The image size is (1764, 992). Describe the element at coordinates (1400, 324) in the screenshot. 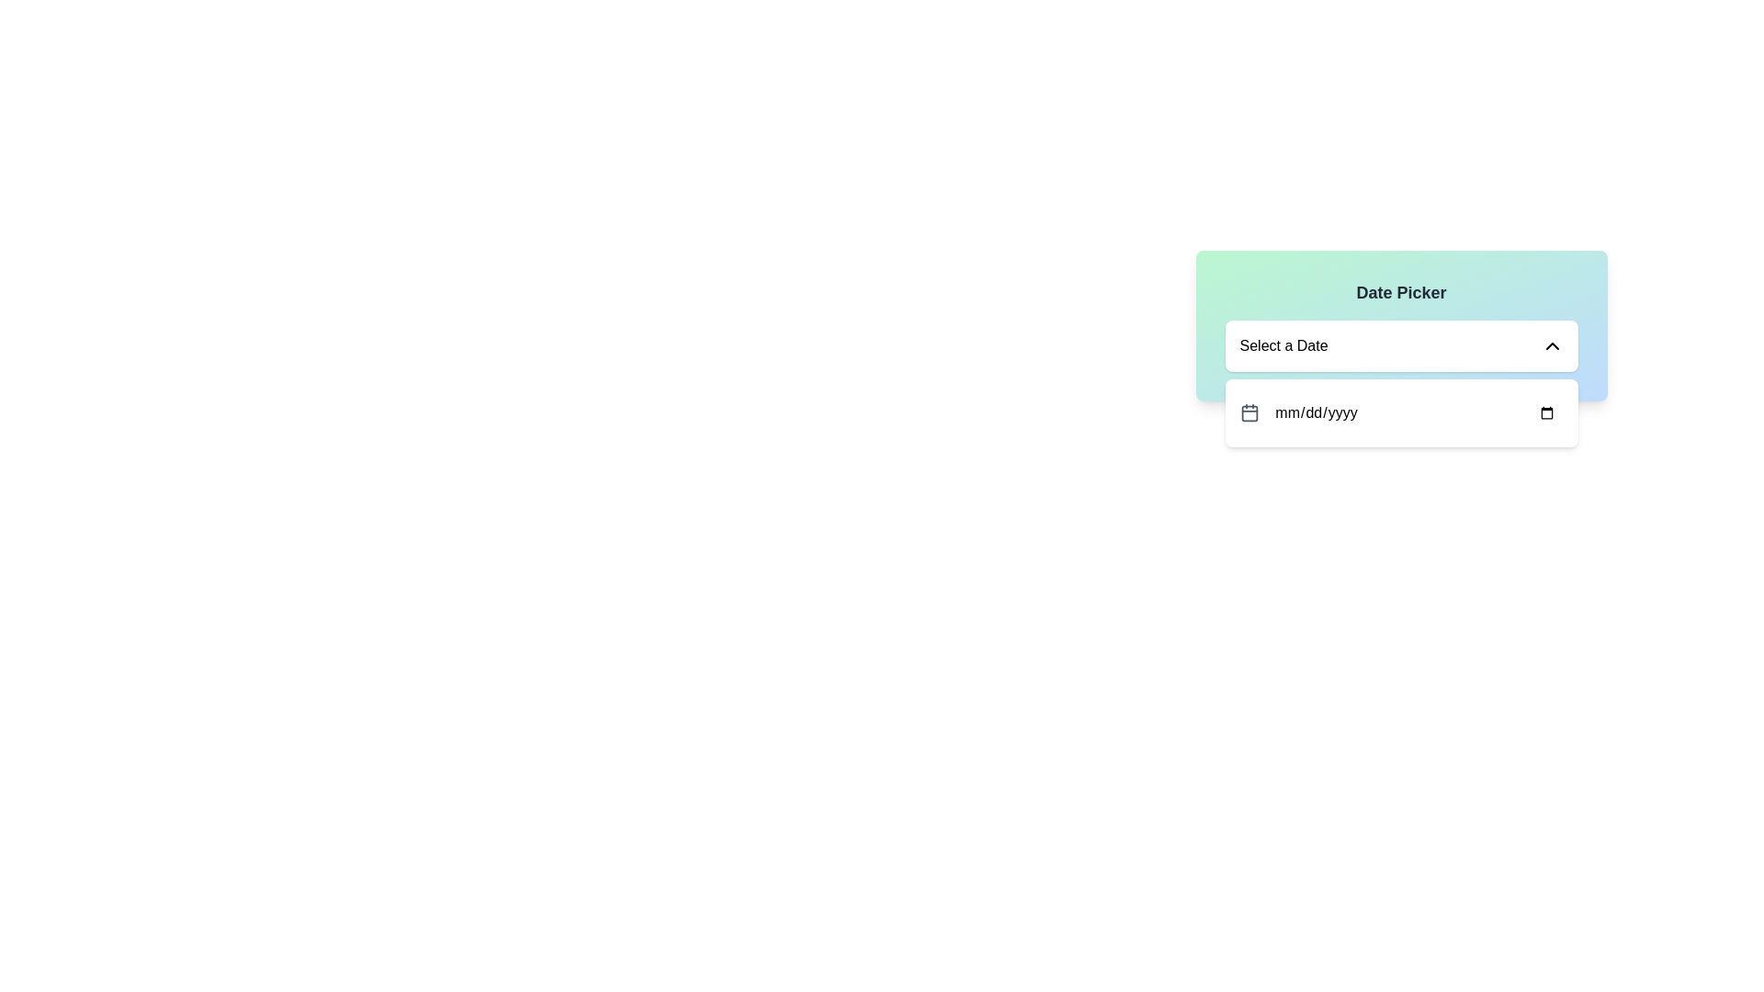

I see `the dropdown button of the date selection interface component located at the center of the bounding box, which combines a label, text input, and dropdown` at that location.